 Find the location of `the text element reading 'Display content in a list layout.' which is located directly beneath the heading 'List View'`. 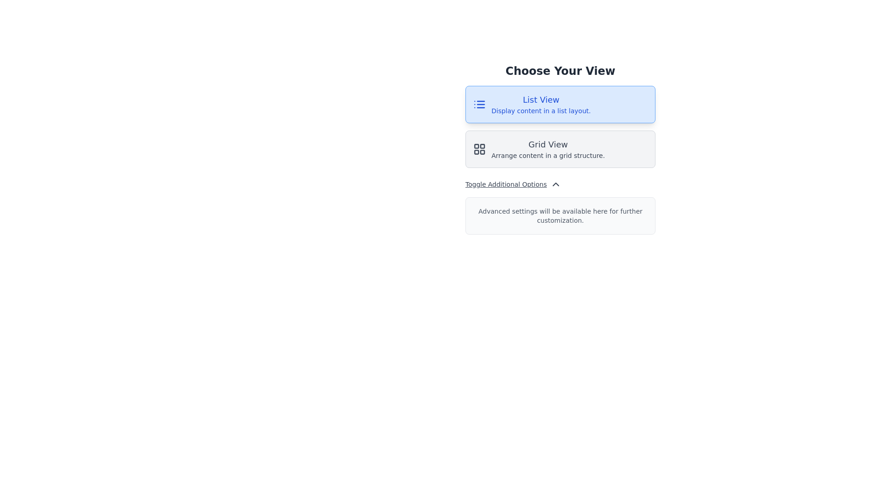

the text element reading 'Display content in a list layout.' which is located directly beneath the heading 'List View' is located at coordinates (541, 110).